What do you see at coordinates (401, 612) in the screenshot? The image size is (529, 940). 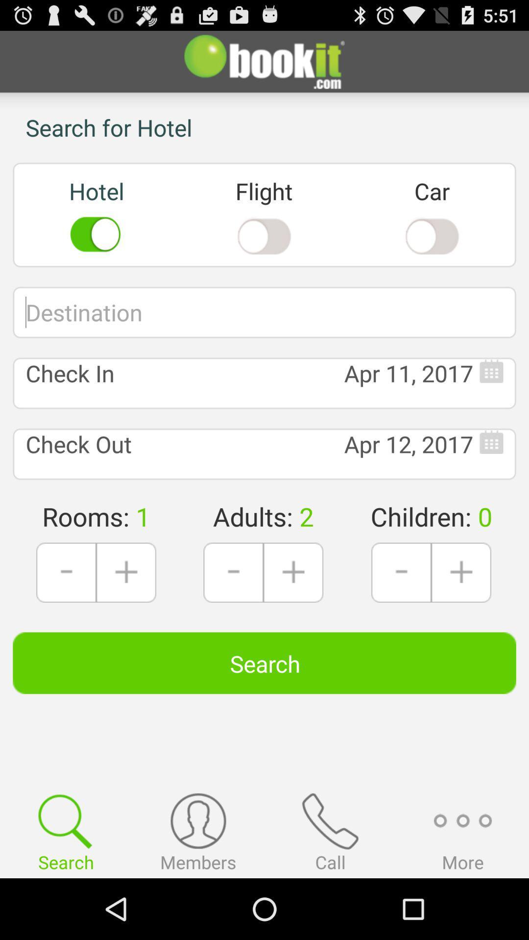 I see `the minus icon` at bounding box center [401, 612].